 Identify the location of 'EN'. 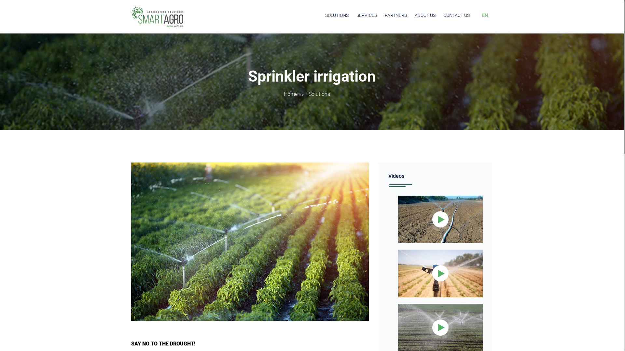
(485, 15).